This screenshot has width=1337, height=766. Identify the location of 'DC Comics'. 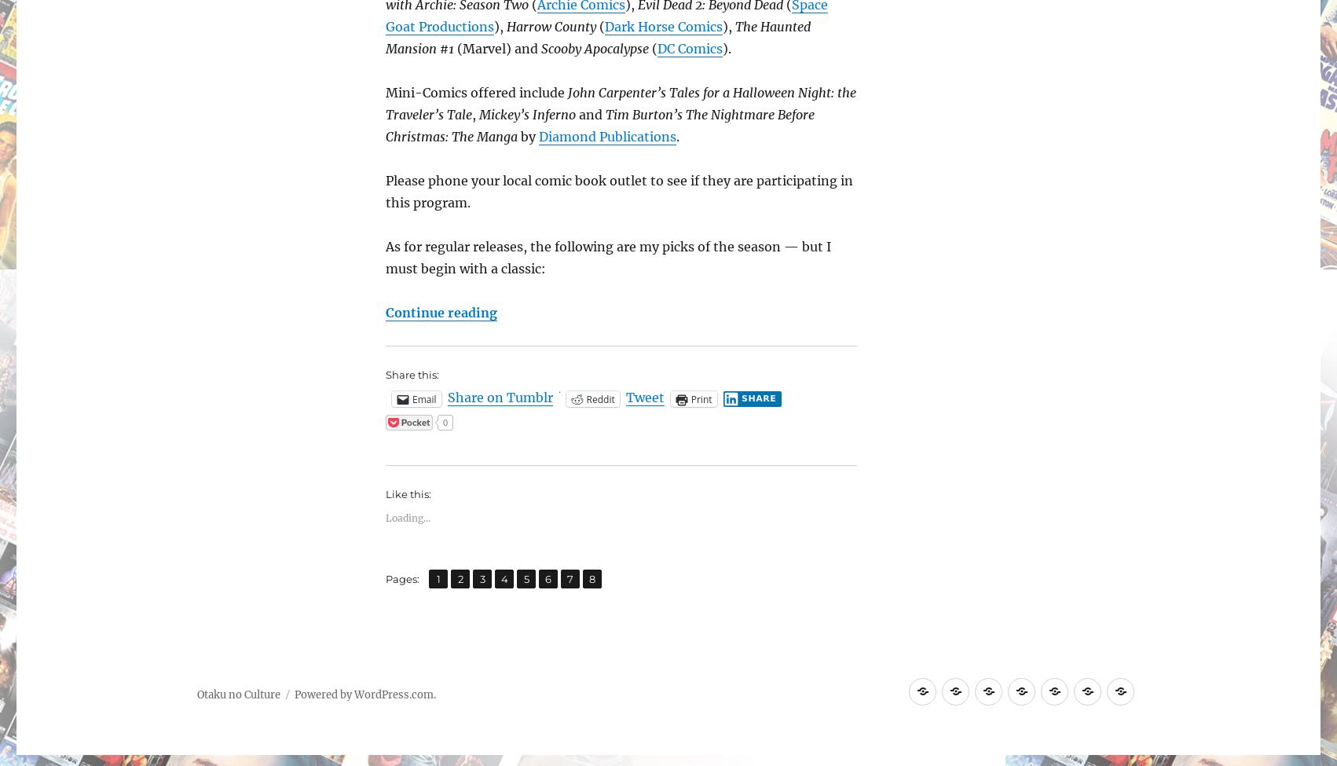
(690, 49).